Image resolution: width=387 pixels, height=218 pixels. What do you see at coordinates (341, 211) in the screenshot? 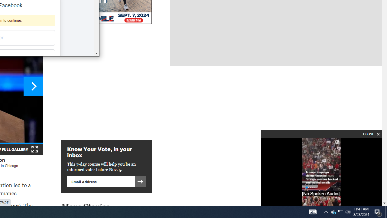
I see `'User Promoted Notification Area'` at bounding box center [341, 211].